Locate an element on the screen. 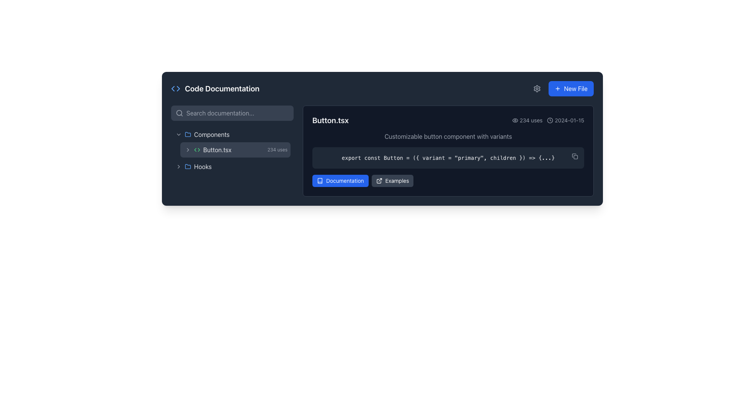 Image resolution: width=735 pixels, height=413 pixels. the 'New File' button, which is styled with a blue background and white text, located at the top-right corner of the header section titled 'Code Documentation' is located at coordinates (562, 88).